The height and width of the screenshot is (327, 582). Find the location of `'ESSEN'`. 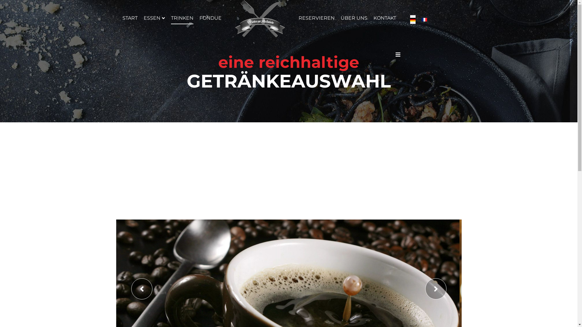

'ESSEN' is located at coordinates (143, 18).